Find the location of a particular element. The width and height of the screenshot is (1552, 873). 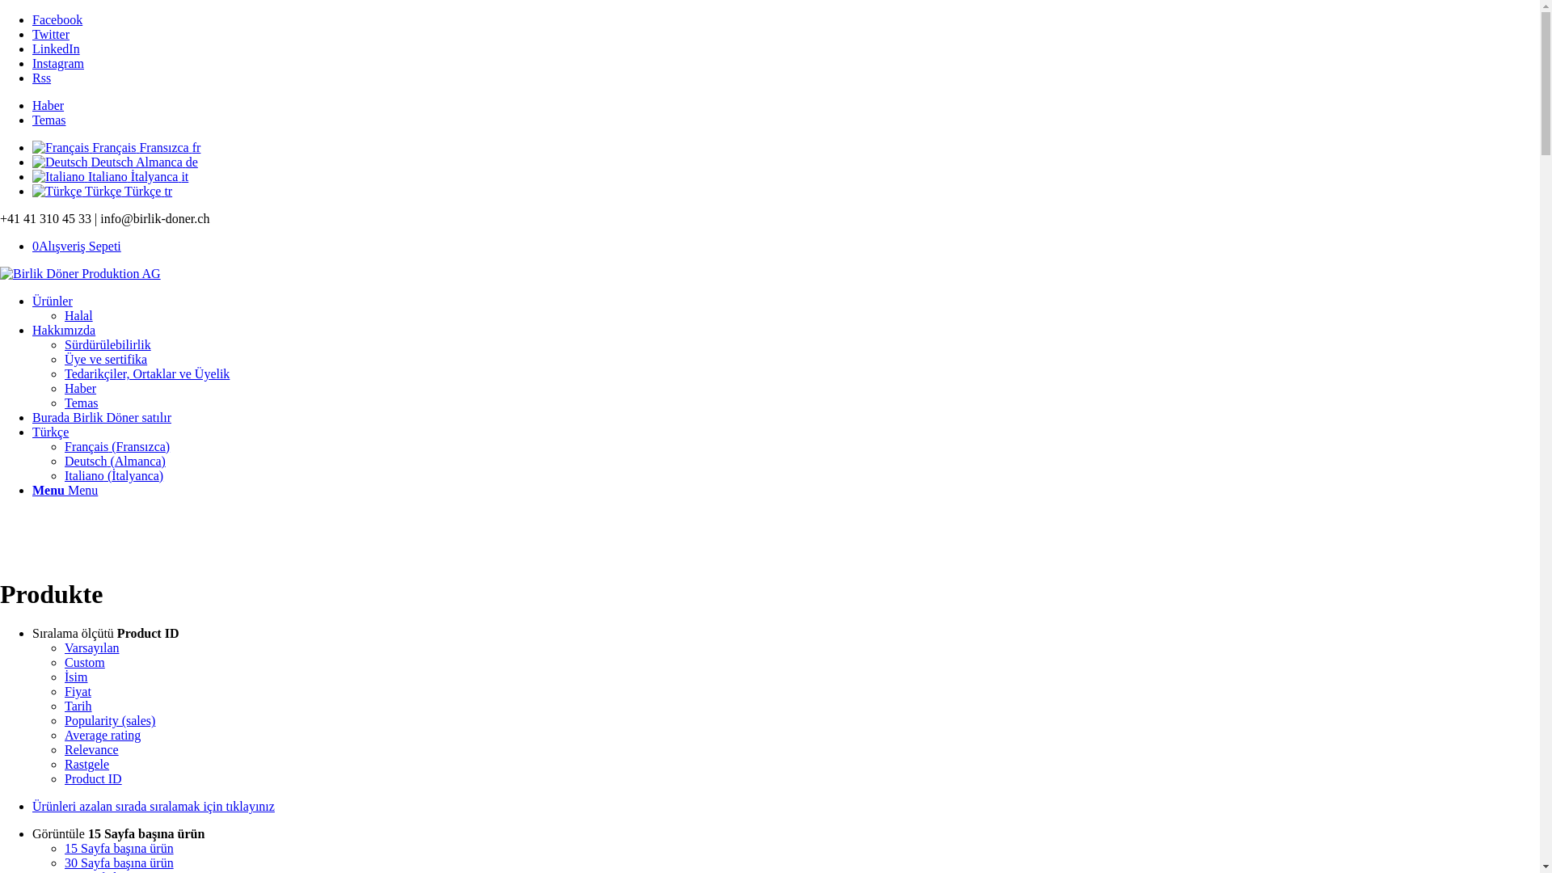

'Relevance' is located at coordinates (91, 749).